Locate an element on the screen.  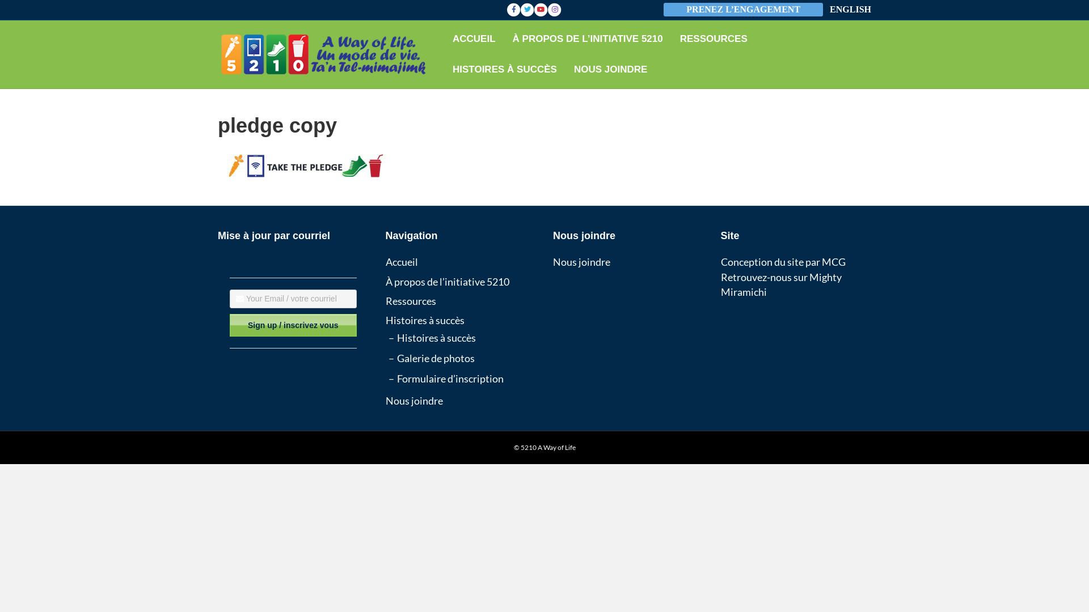
'Mighty Miramichi' is located at coordinates (780, 283).